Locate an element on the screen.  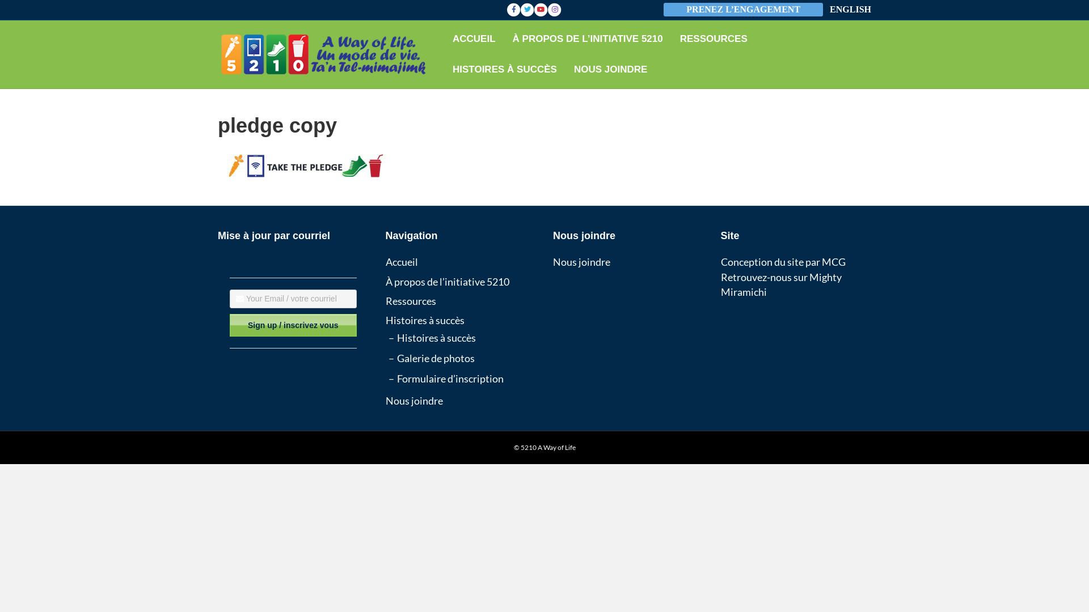
'Mighty Miramichi' is located at coordinates (780, 283).